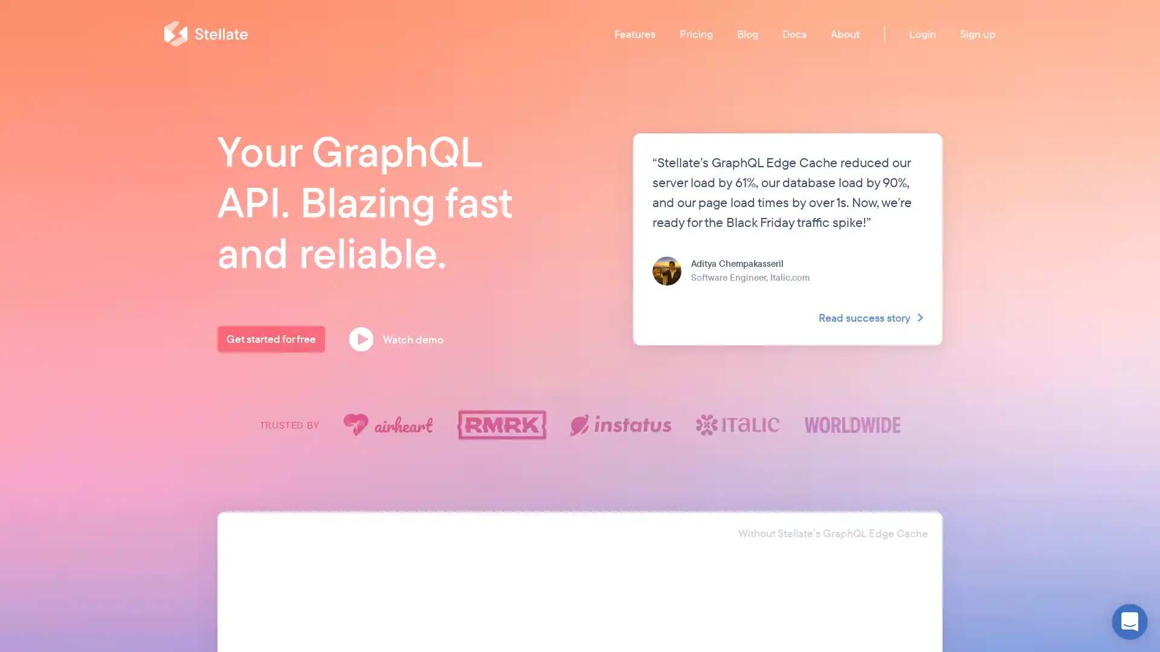  I want to click on Get started for free, so click(271, 339).